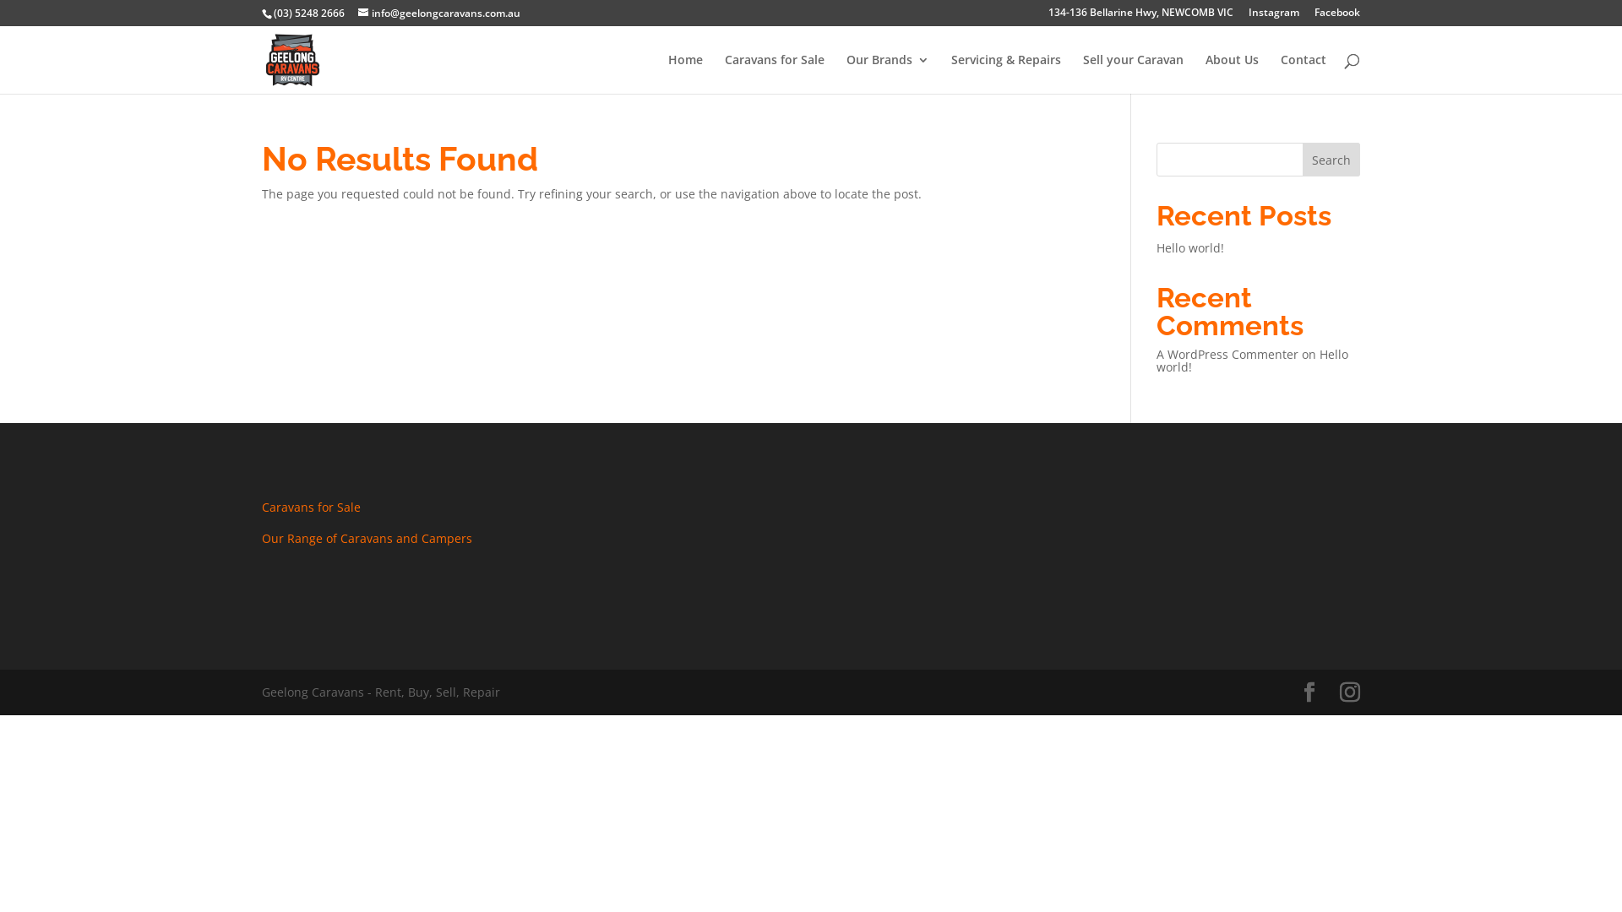 Image resolution: width=1622 pixels, height=912 pixels. I want to click on '134-136 Bellarine Hwy, NEWCOMB VIC', so click(1140, 16).